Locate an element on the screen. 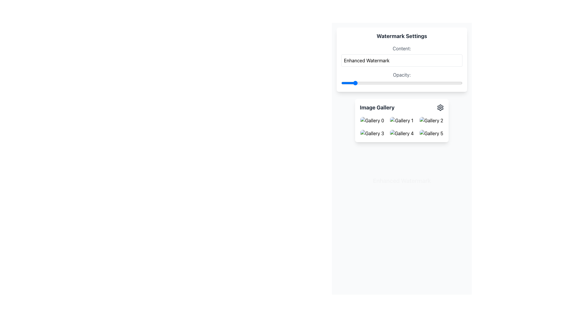  the thumbnail image located in the third row and third column of the 'Image Gallery' section is located at coordinates (431, 133).